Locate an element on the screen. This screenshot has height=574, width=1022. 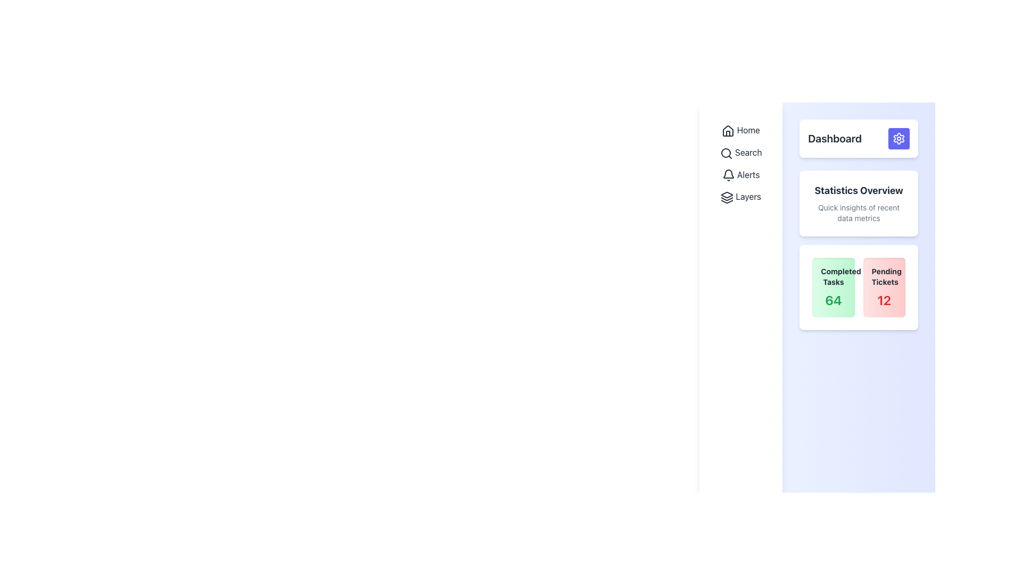
the informational block or card with a gradient red background that displays 'Pending Tickets' and '12' in bold fonts, located in the lower right section of the layout is located at coordinates (884, 287).